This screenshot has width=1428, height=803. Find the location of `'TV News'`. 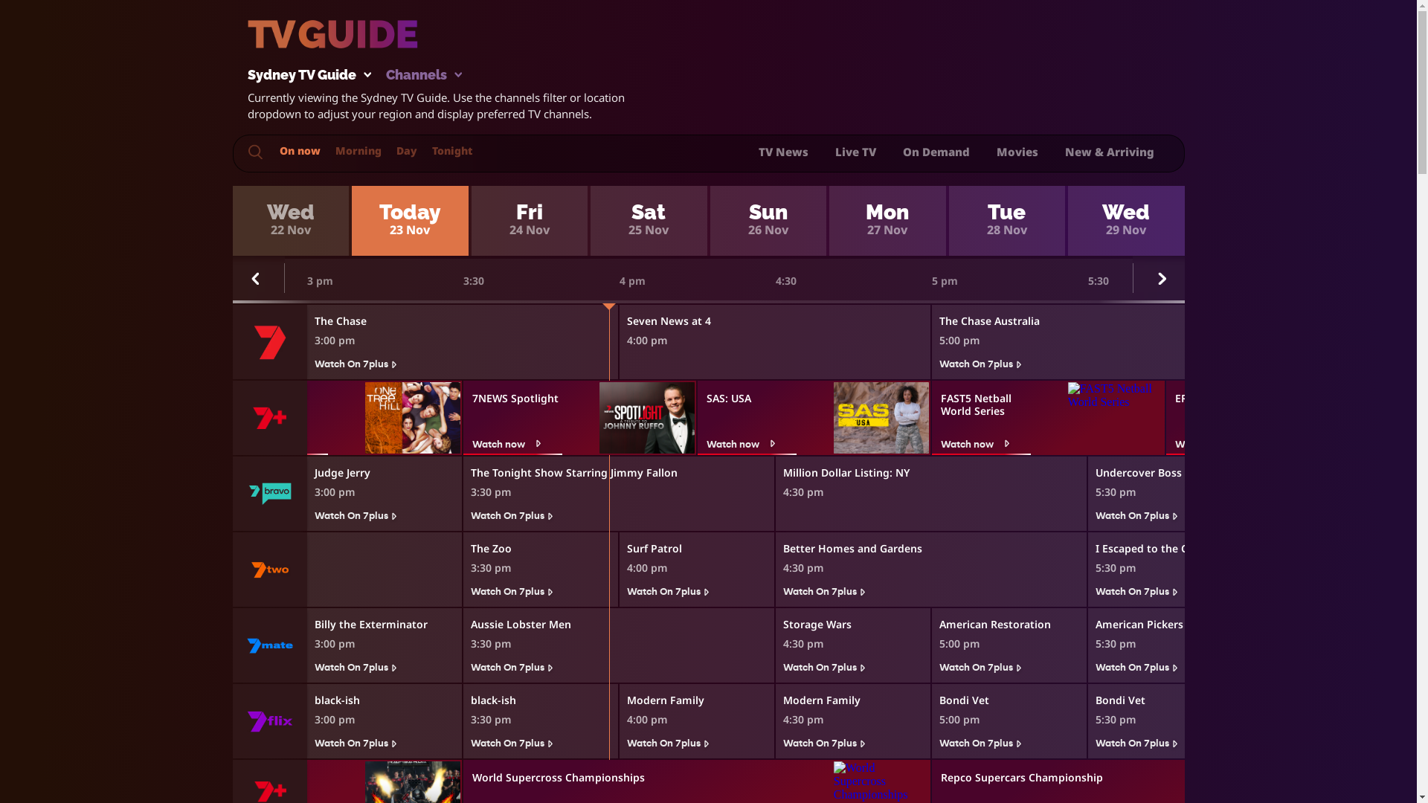

'TV News' is located at coordinates (782, 152).